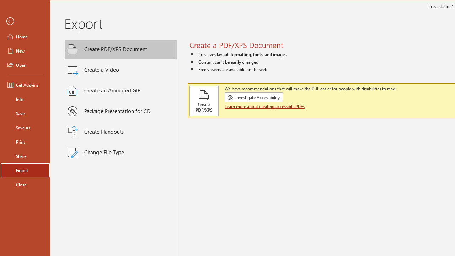 The height and width of the screenshot is (256, 455). Describe the element at coordinates (254, 97) in the screenshot. I see `'Investigate Accessibility'` at that location.